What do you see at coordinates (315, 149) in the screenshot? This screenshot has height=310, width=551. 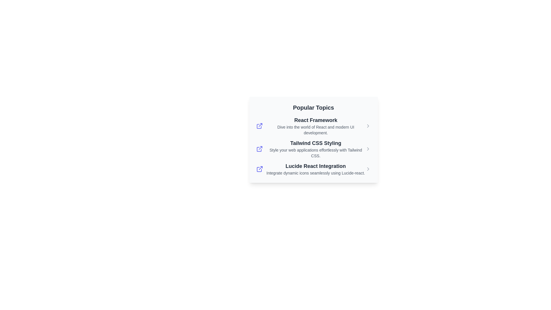 I see `the descriptive link for 'Tailwind CSS Styling' to read the information provided about this topic` at bounding box center [315, 149].